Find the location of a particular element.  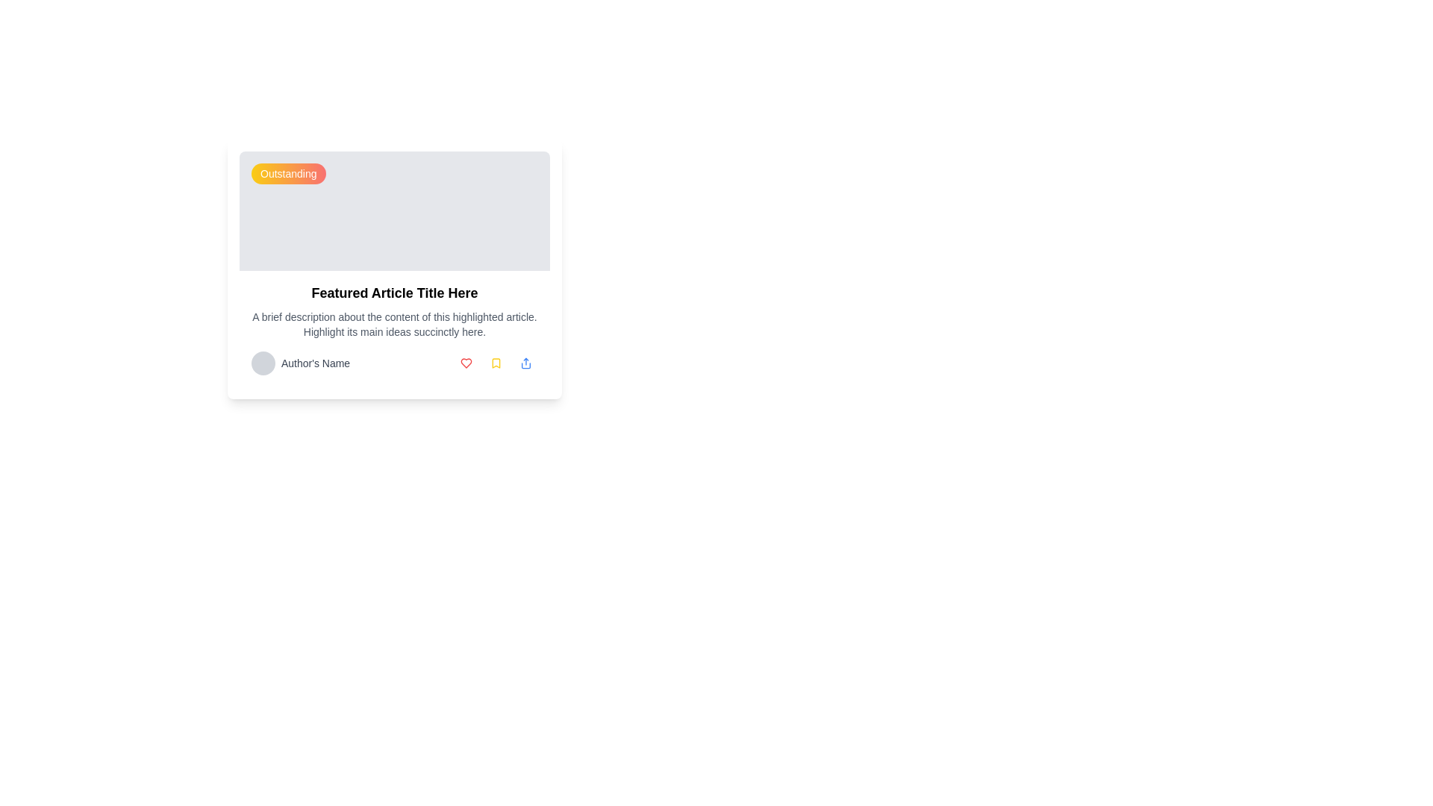

the blue-colored share icon, styled as an upward-pointing arrow located at the bottom-right corner of the article card is located at coordinates (526, 363).